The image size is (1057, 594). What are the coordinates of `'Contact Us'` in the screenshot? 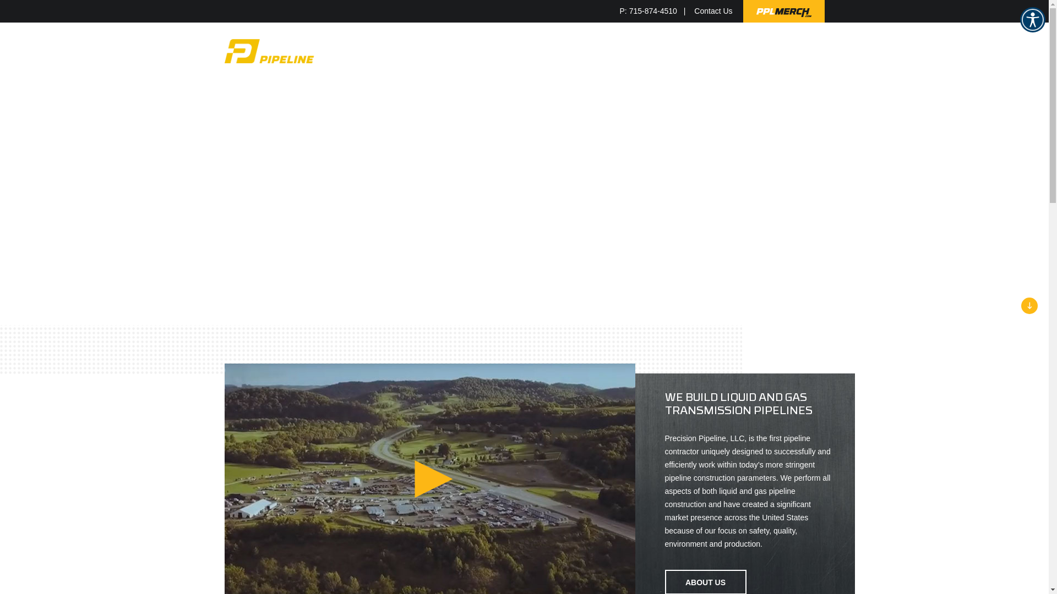 It's located at (694, 11).